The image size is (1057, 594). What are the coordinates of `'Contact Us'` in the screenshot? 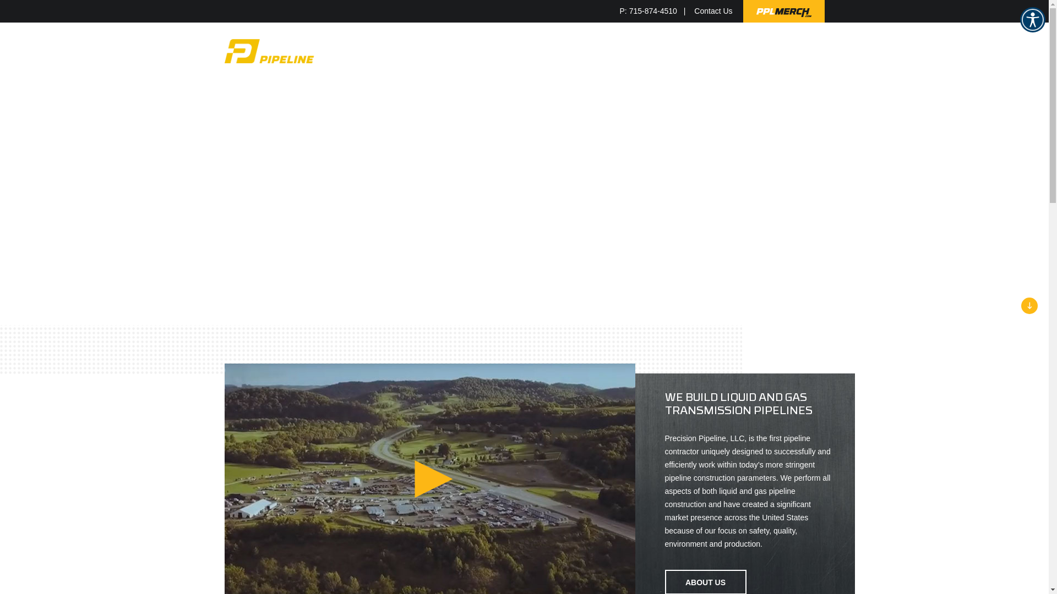 It's located at (694, 11).